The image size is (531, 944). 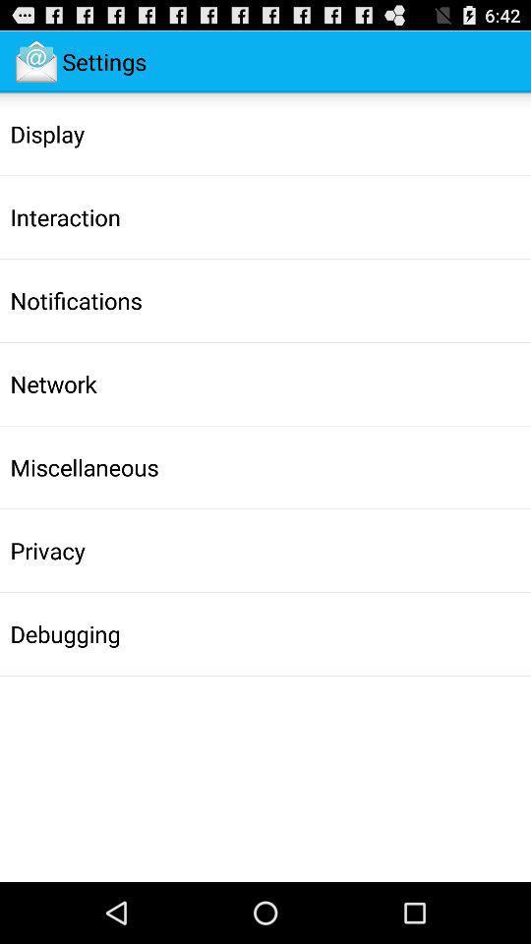 What do you see at coordinates (47, 133) in the screenshot?
I see `display item` at bounding box center [47, 133].